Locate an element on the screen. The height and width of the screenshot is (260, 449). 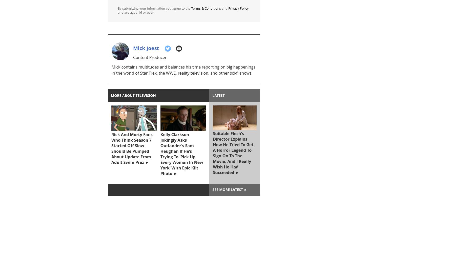
'Suitable Flesh's Director Explains How He Tried To Get A Horror Legend To Sign On To The Movie, And I Really Wish He Had Succeeded' is located at coordinates (233, 153).